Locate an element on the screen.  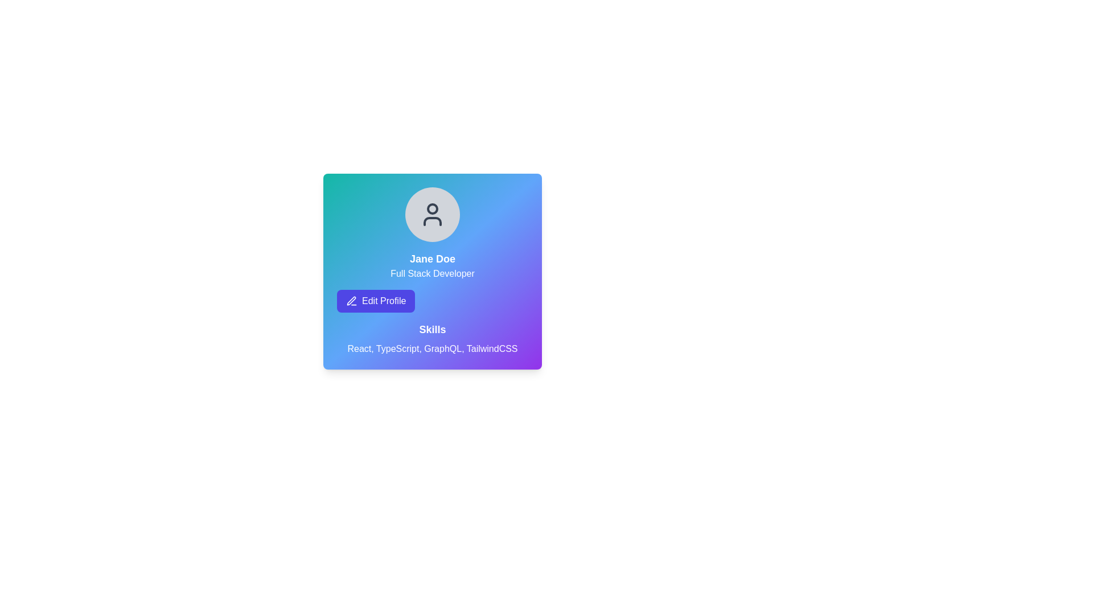
the decorative avatar SVG icon located centrally within the circular background area at the top of the card, which is aligned with the text 'Jane Doe' is located at coordinates (432, 215).